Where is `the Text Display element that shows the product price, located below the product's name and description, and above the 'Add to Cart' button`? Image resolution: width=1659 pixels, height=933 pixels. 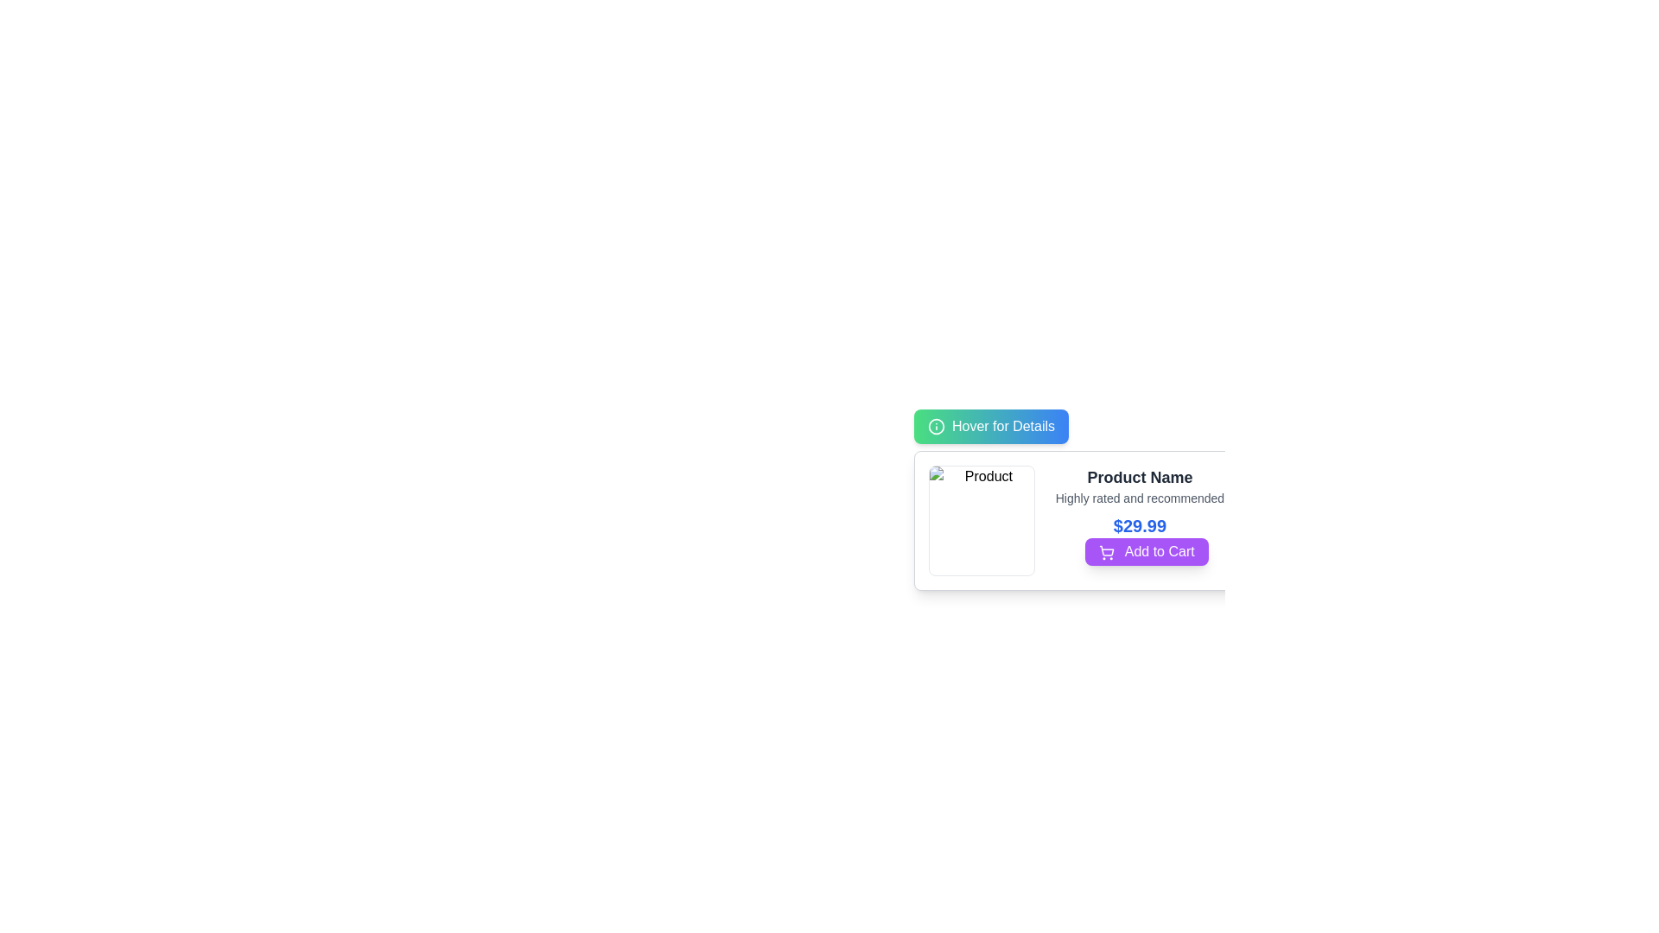 the Text Display element that shows the product price, located below the product's name and description, and above the 'Add to Cart' button is located at coordinates (1140, 525).